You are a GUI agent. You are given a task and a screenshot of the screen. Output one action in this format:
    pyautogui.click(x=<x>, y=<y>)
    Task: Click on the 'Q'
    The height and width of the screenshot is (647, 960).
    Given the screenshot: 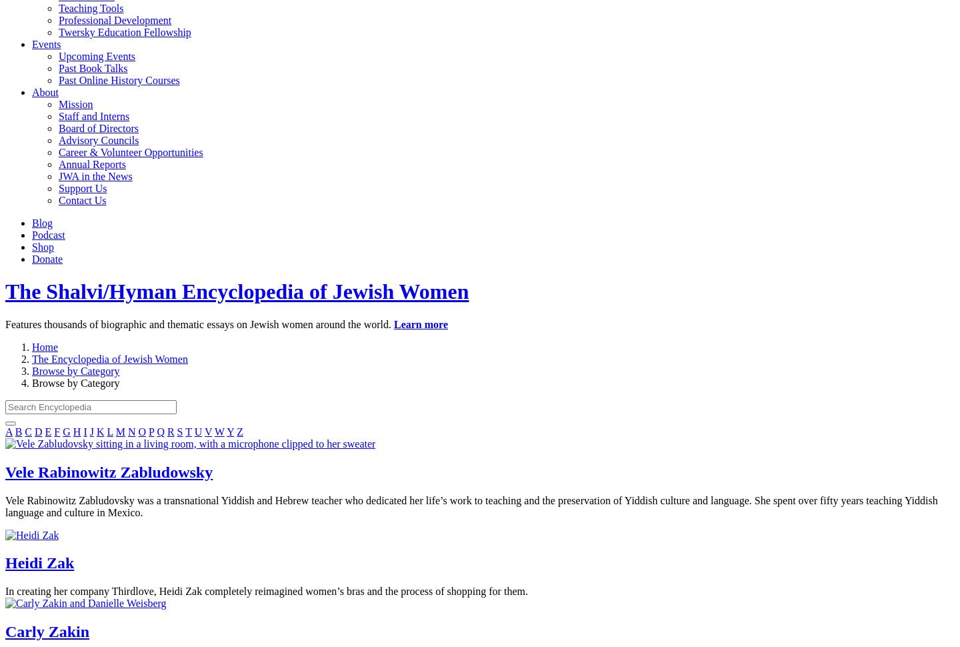 What is the action you would take?
    pyautogui.click(x=157, y=430)
    